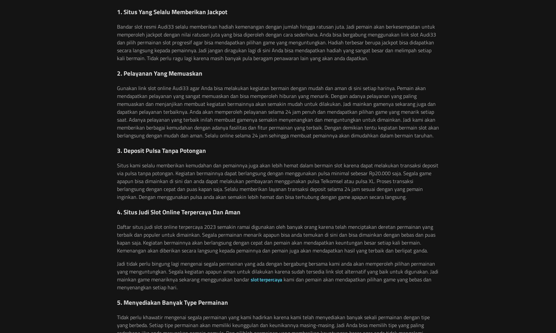  Describe the element at coordinates (173, 302) in the screenshot. I see `'5. Menyediakan Banyak Type Permainan'` at that location.